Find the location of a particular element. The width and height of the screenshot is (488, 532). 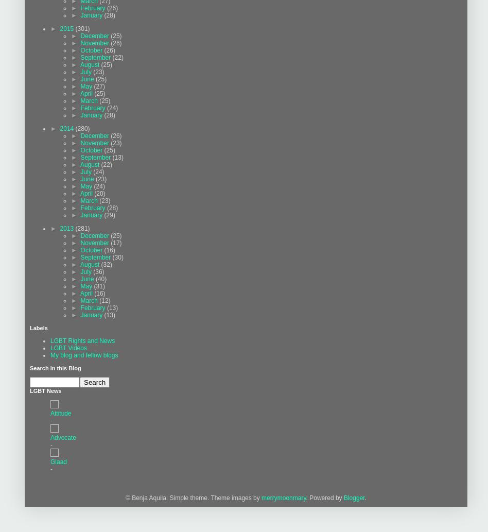

'Advocate' is located at coordinates (62, 437).